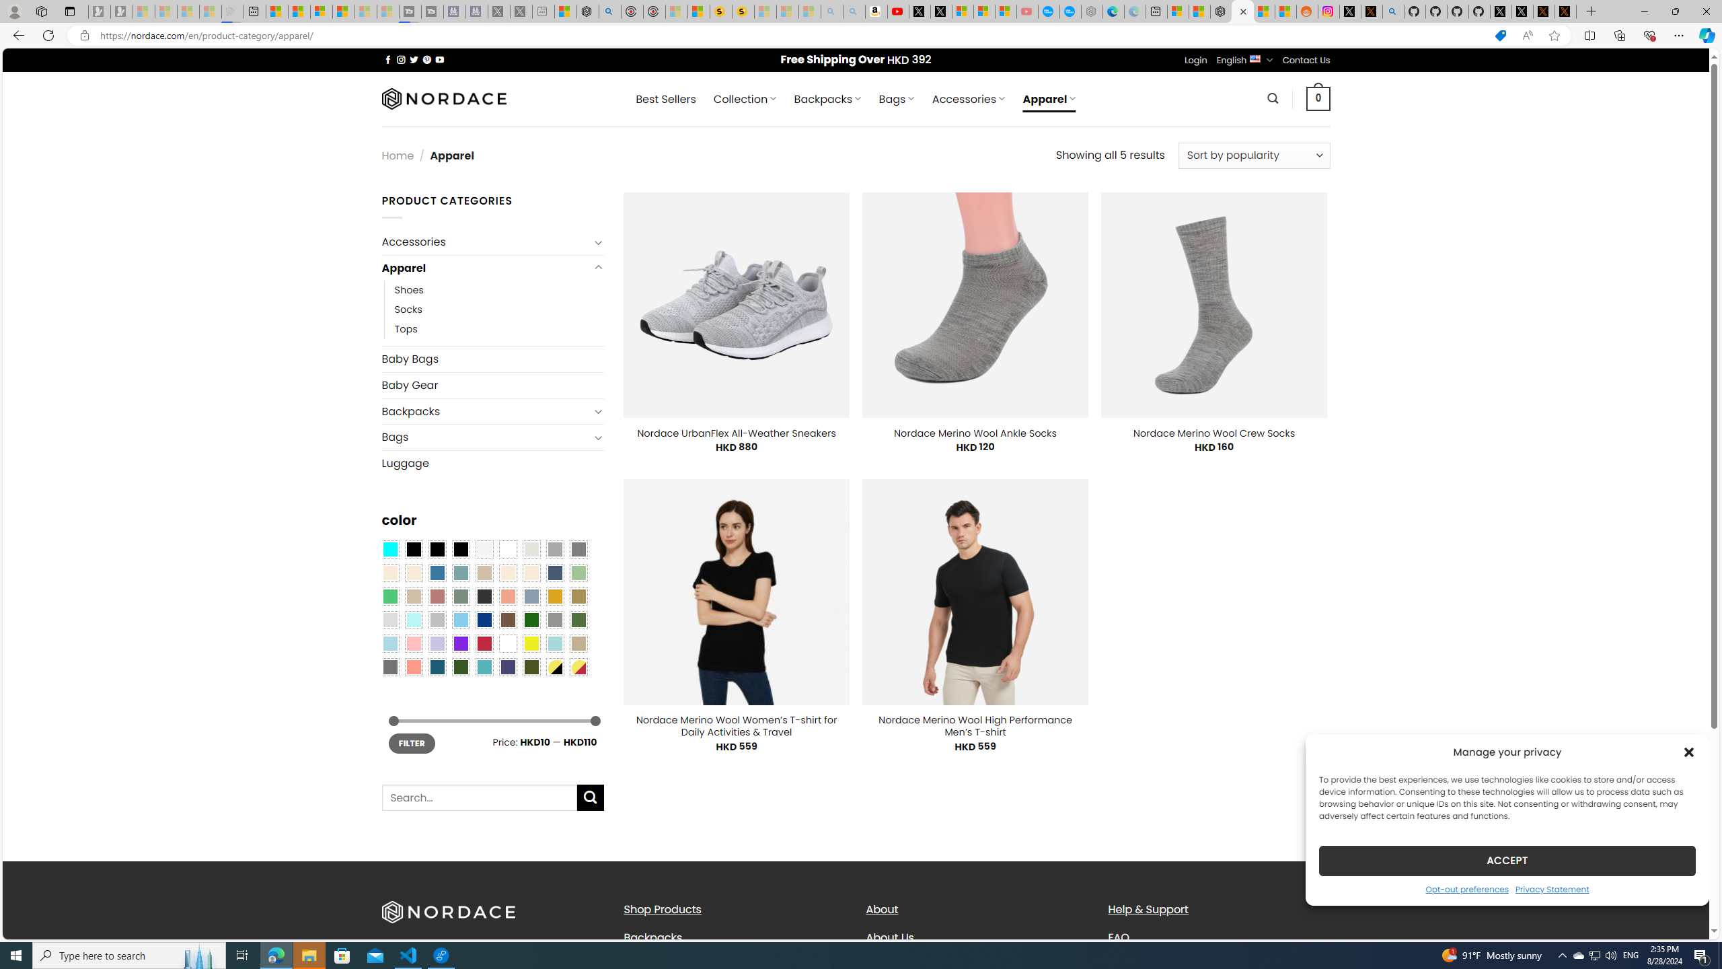 The image size is (1722, 969). I want to click on 'Blue Sage', so click(460, 572).